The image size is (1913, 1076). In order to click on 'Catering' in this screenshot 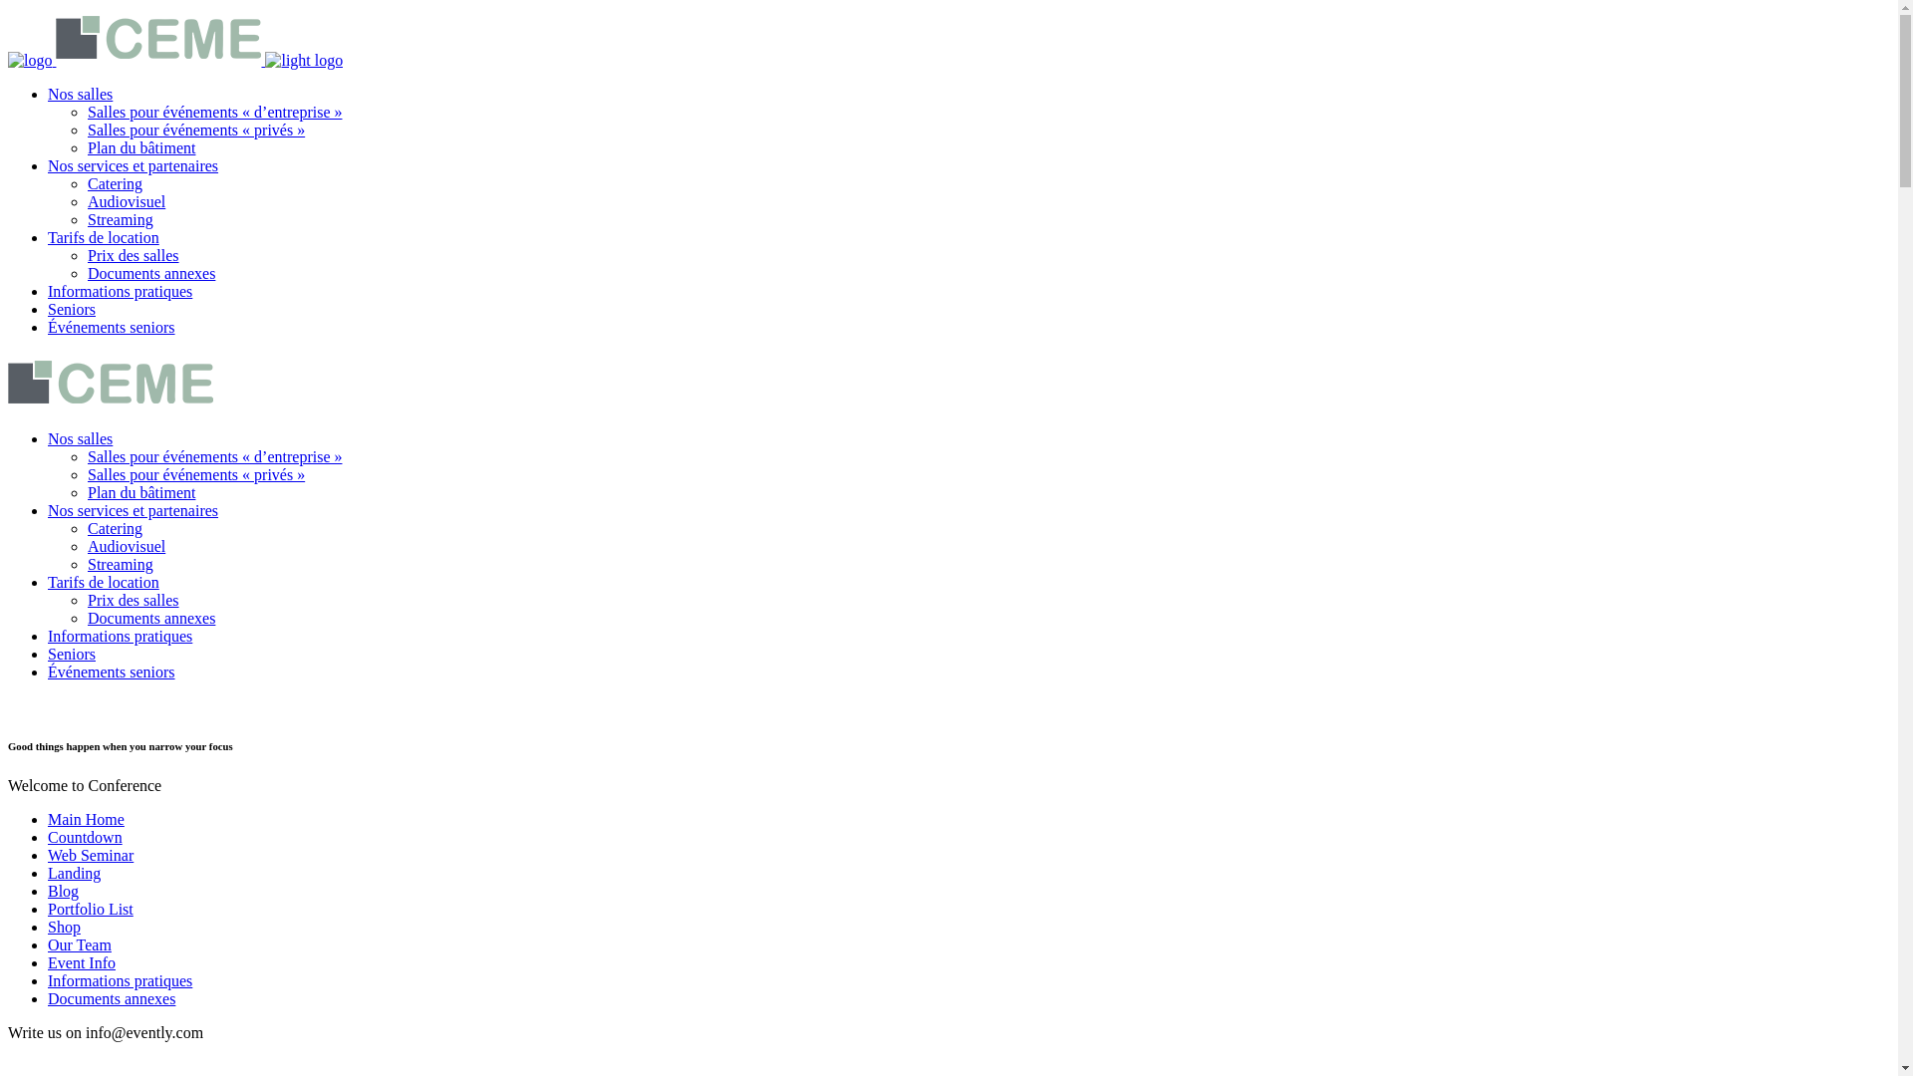, I will do `click(114, 183)`.